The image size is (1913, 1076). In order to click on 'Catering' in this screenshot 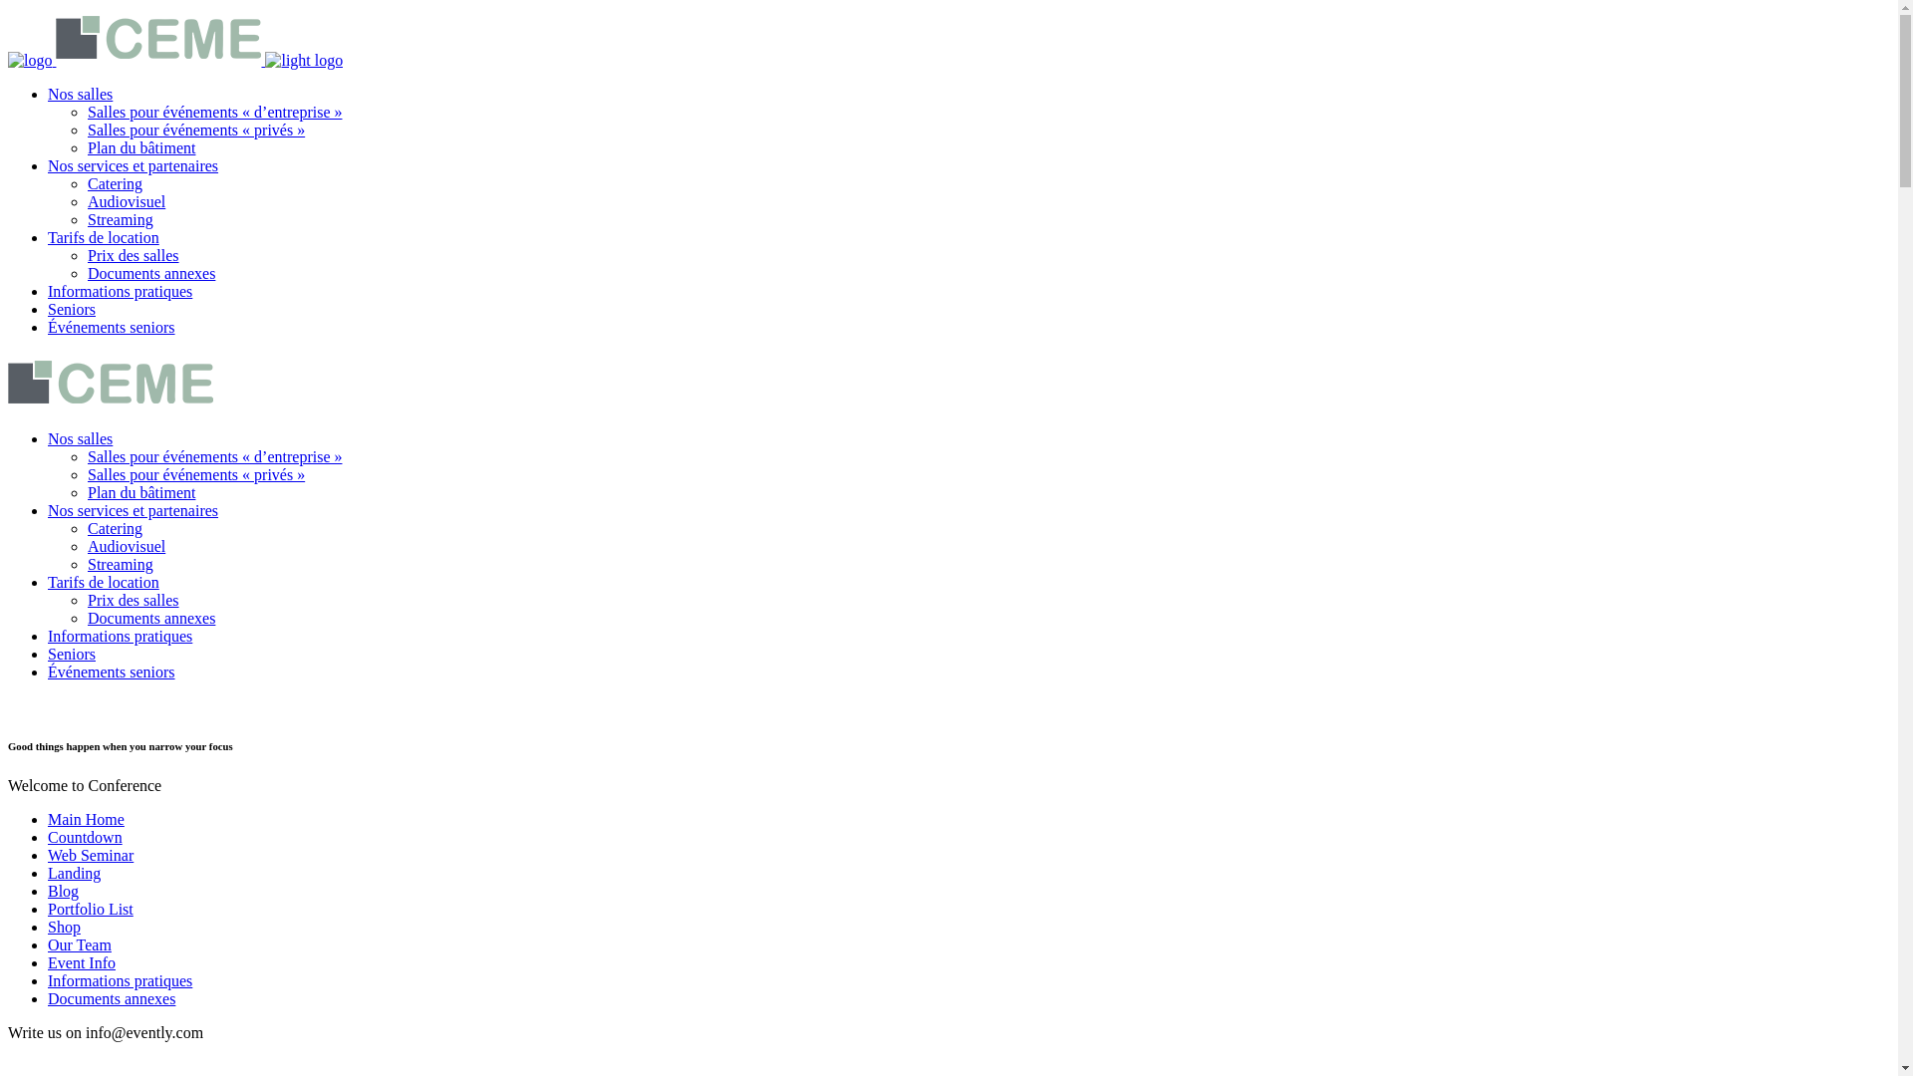, I will do `click(114, 183)`.